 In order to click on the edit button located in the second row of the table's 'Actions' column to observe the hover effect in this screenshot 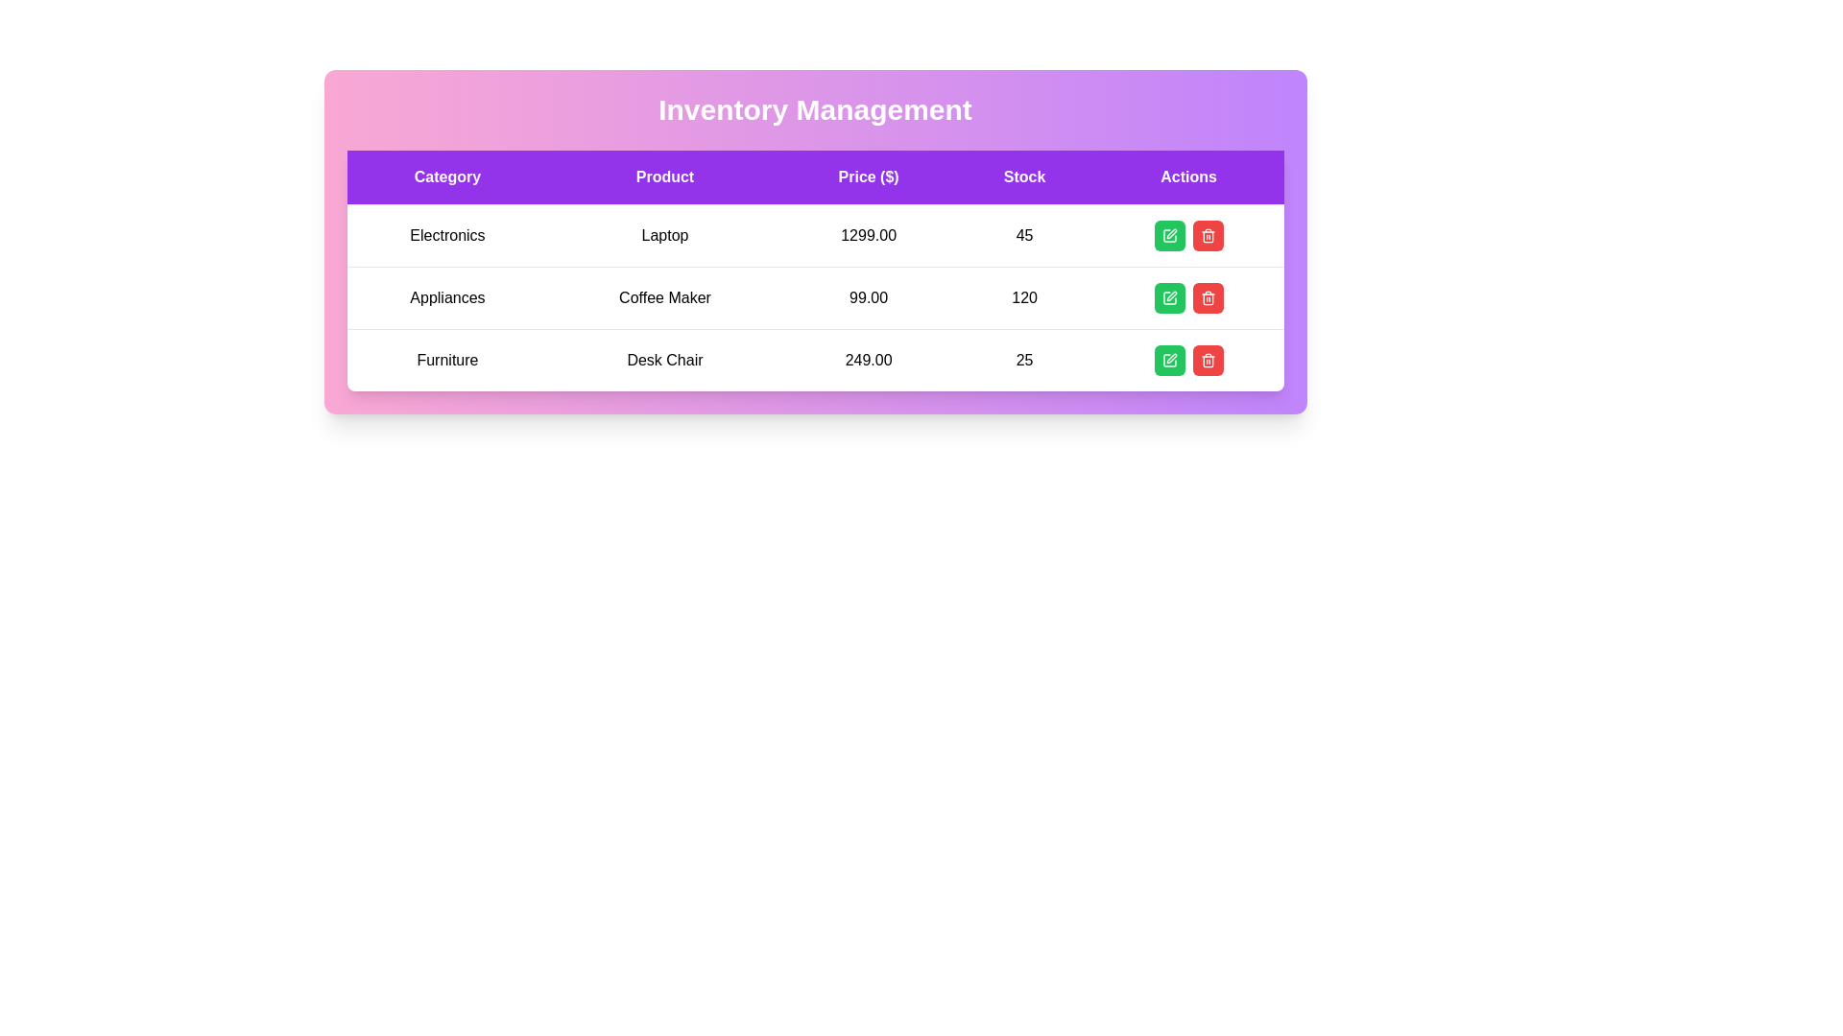, I will do `click(1168, 298)`.